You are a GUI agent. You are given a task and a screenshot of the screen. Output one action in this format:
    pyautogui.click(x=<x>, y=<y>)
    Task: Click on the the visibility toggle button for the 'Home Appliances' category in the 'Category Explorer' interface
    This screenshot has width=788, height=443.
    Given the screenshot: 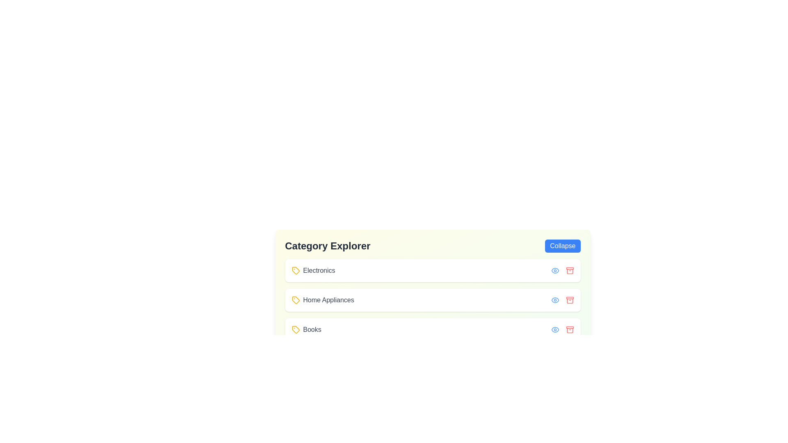 What is the action you would take?
    pyautogui.click(x=555, y=300)
    